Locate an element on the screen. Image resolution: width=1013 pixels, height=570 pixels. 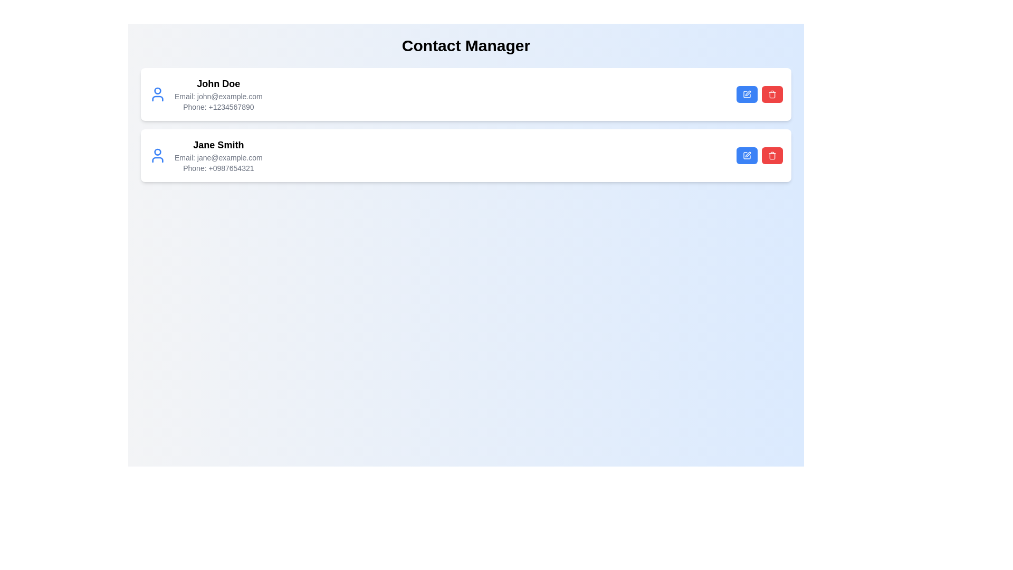
the informational card displaying the user's contact information is located at coordinates (206, 93).